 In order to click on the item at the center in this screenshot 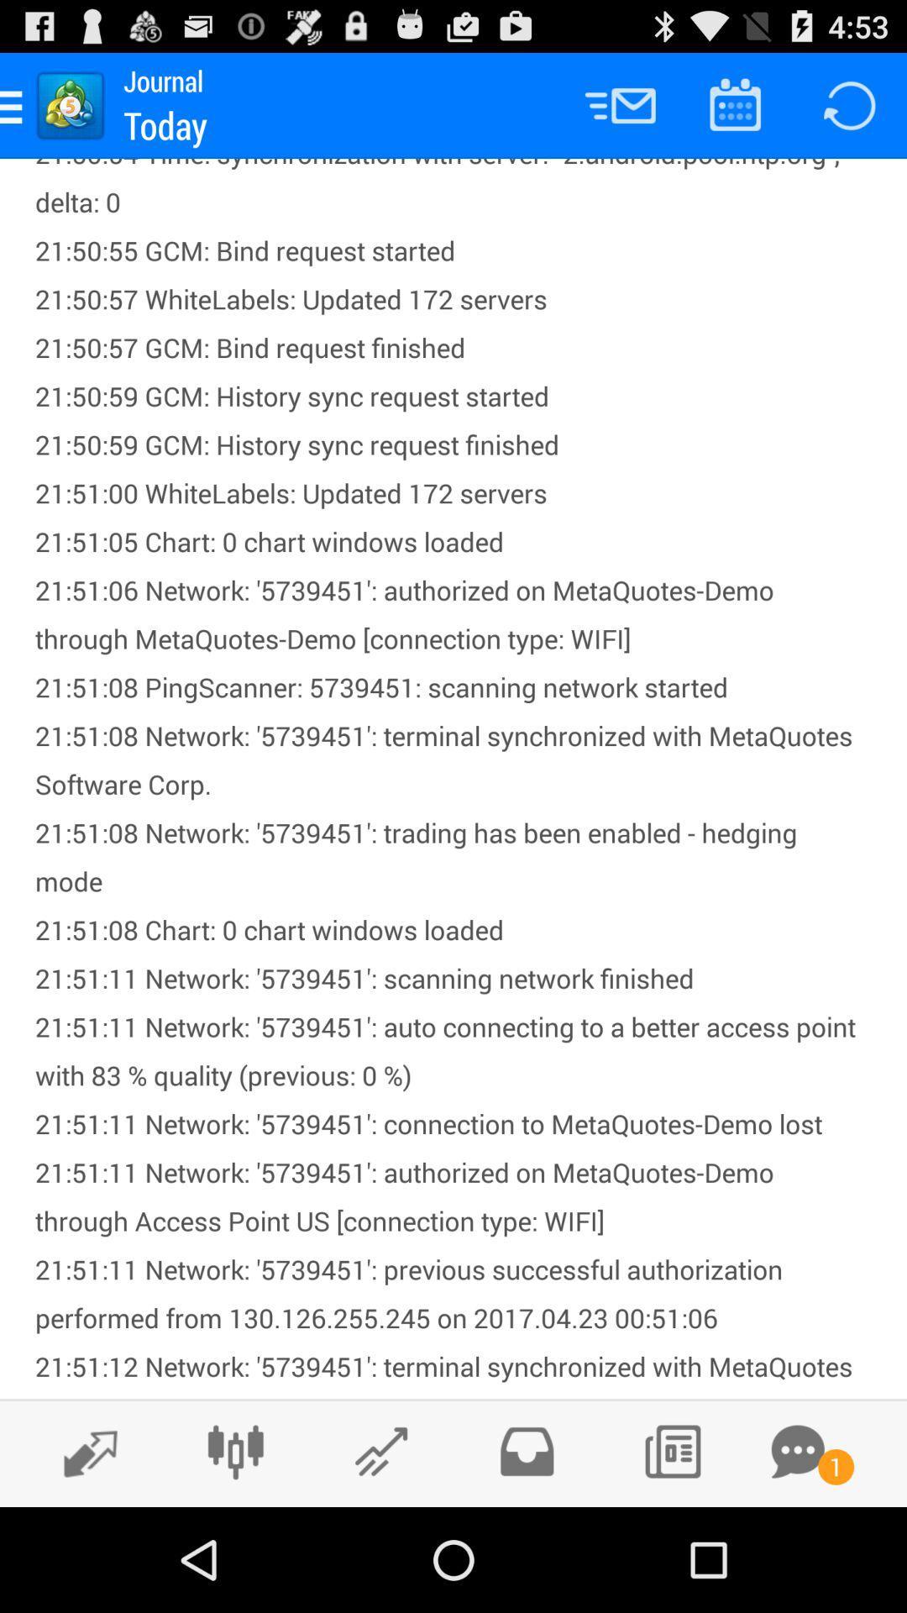, I will do `click(453, 777)`.